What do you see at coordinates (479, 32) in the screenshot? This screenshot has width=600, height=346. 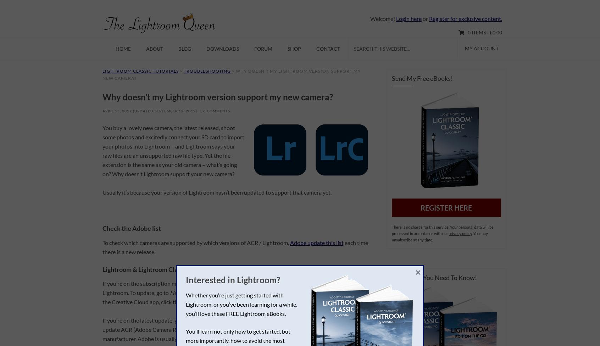 I see `'0 items -'` at bounding box center [479, 32].